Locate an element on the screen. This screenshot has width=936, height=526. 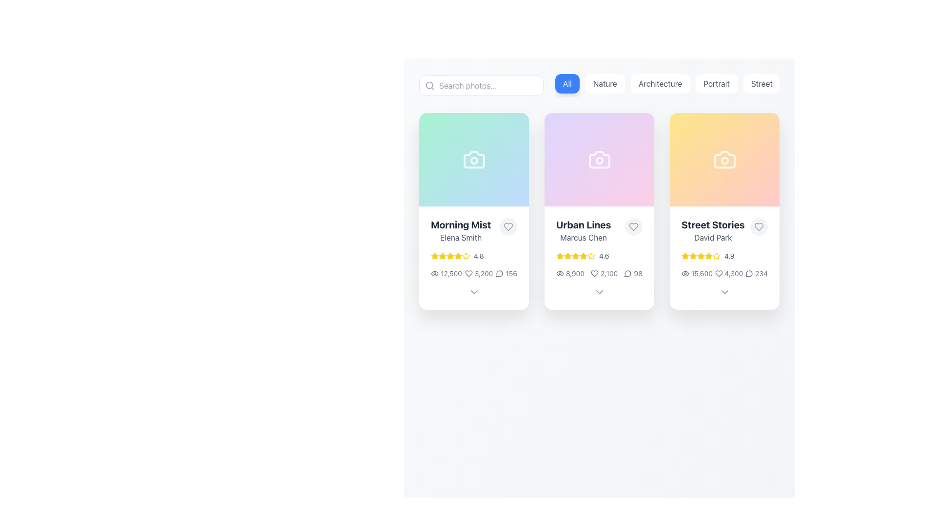
the 'Architecture' category button in the tab list to indicate interest is located at coordinates (666, 85).